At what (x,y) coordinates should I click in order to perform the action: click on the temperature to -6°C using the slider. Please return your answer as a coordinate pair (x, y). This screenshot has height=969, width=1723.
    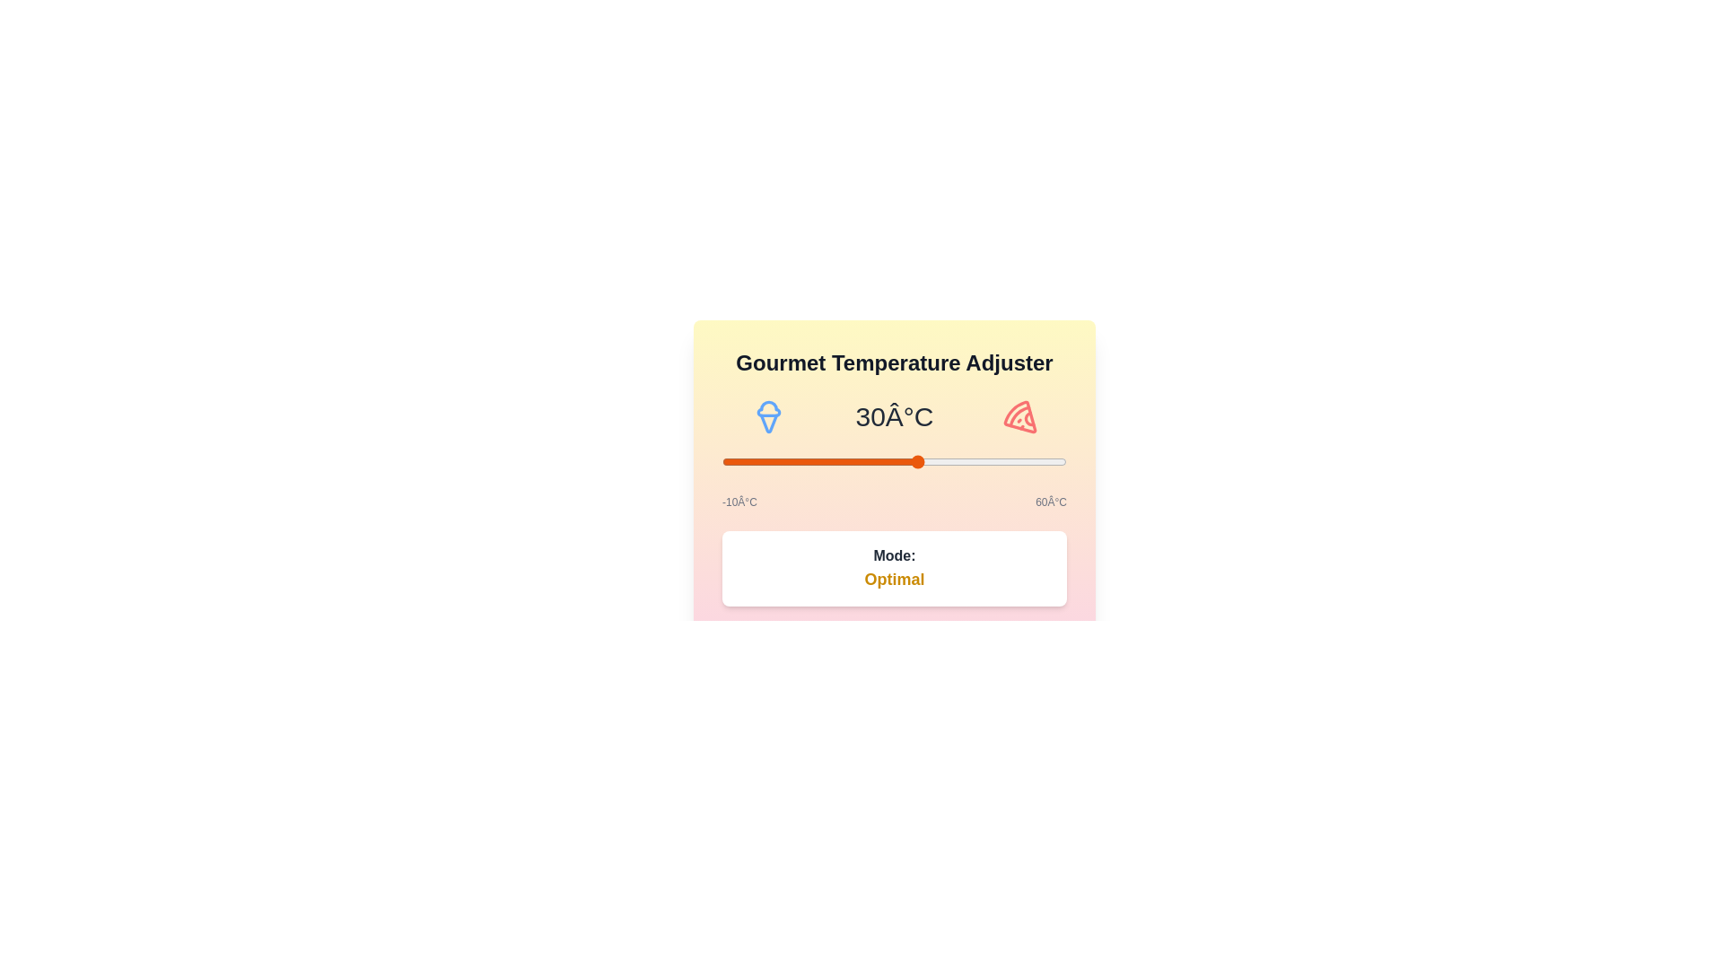
    Looking at the image, I should click on (741, 461).